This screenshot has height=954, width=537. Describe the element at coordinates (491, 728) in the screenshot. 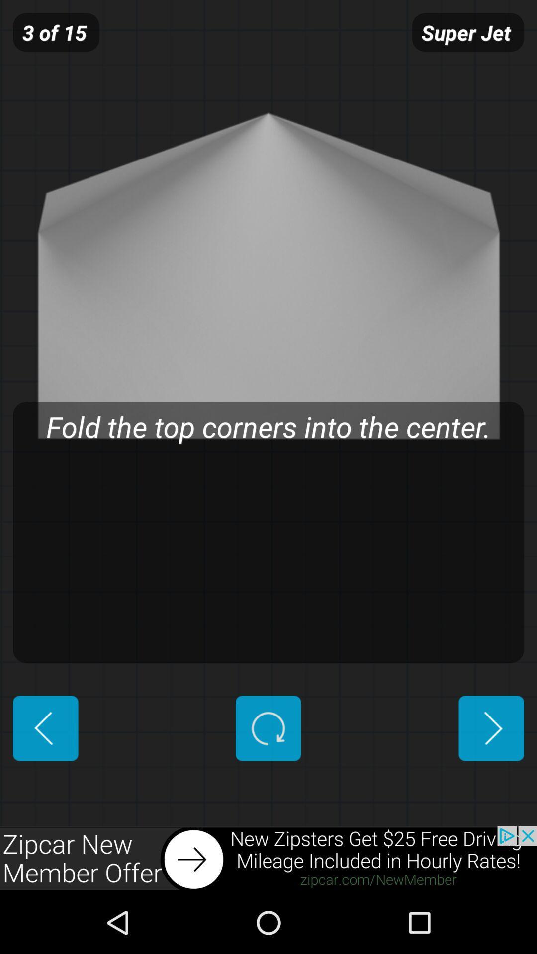

I see `advance next` at that location.